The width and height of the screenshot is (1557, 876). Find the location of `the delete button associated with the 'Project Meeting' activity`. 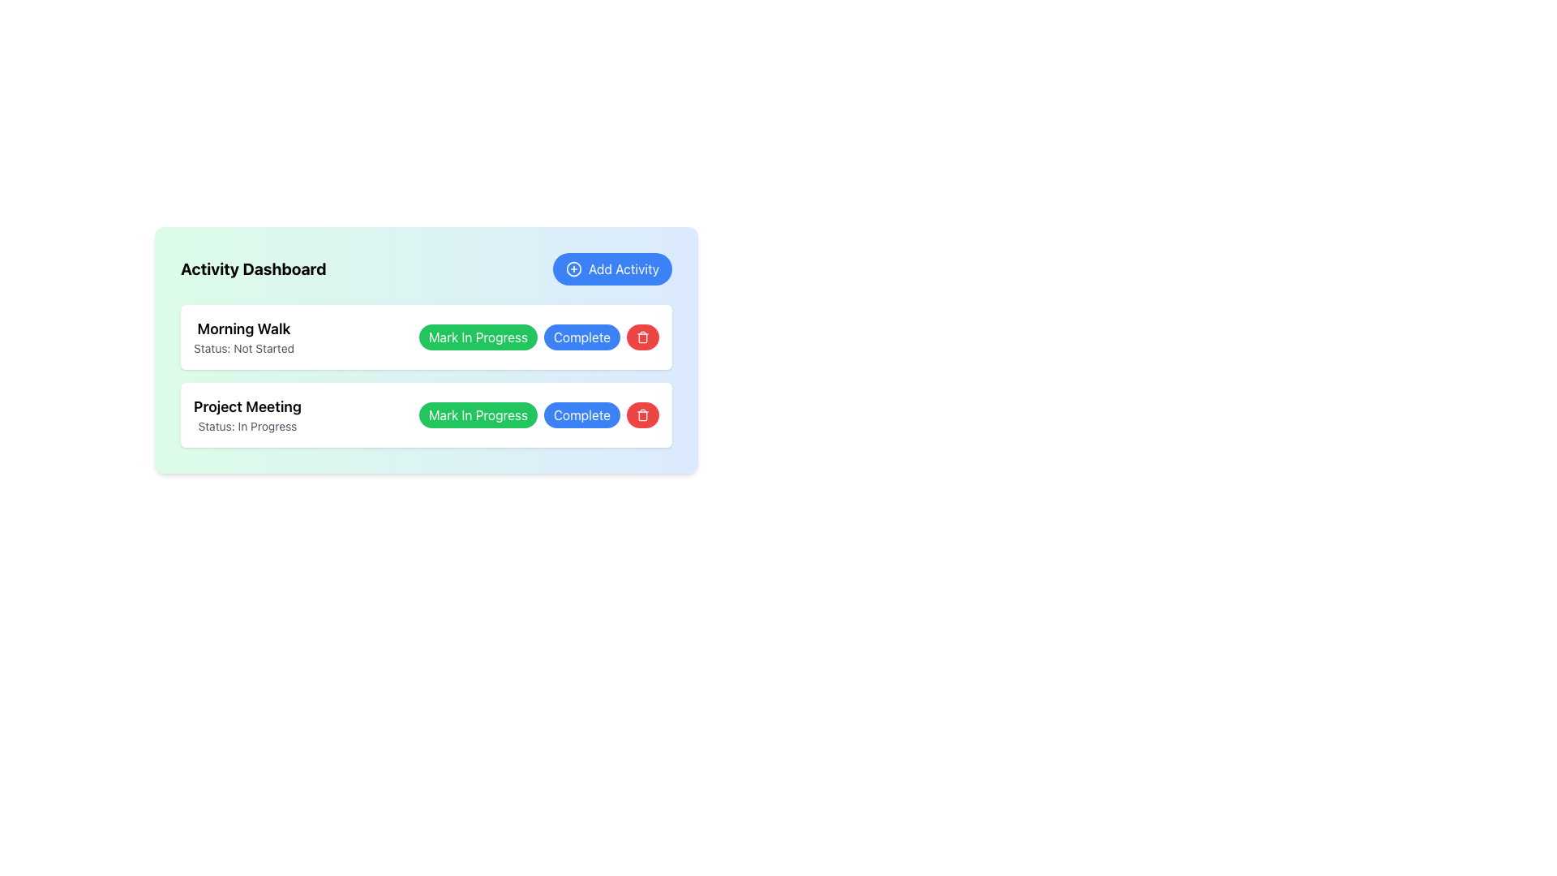

the delete button associated with the 'Project Meeting' activity is located at coordinates (641, 414).